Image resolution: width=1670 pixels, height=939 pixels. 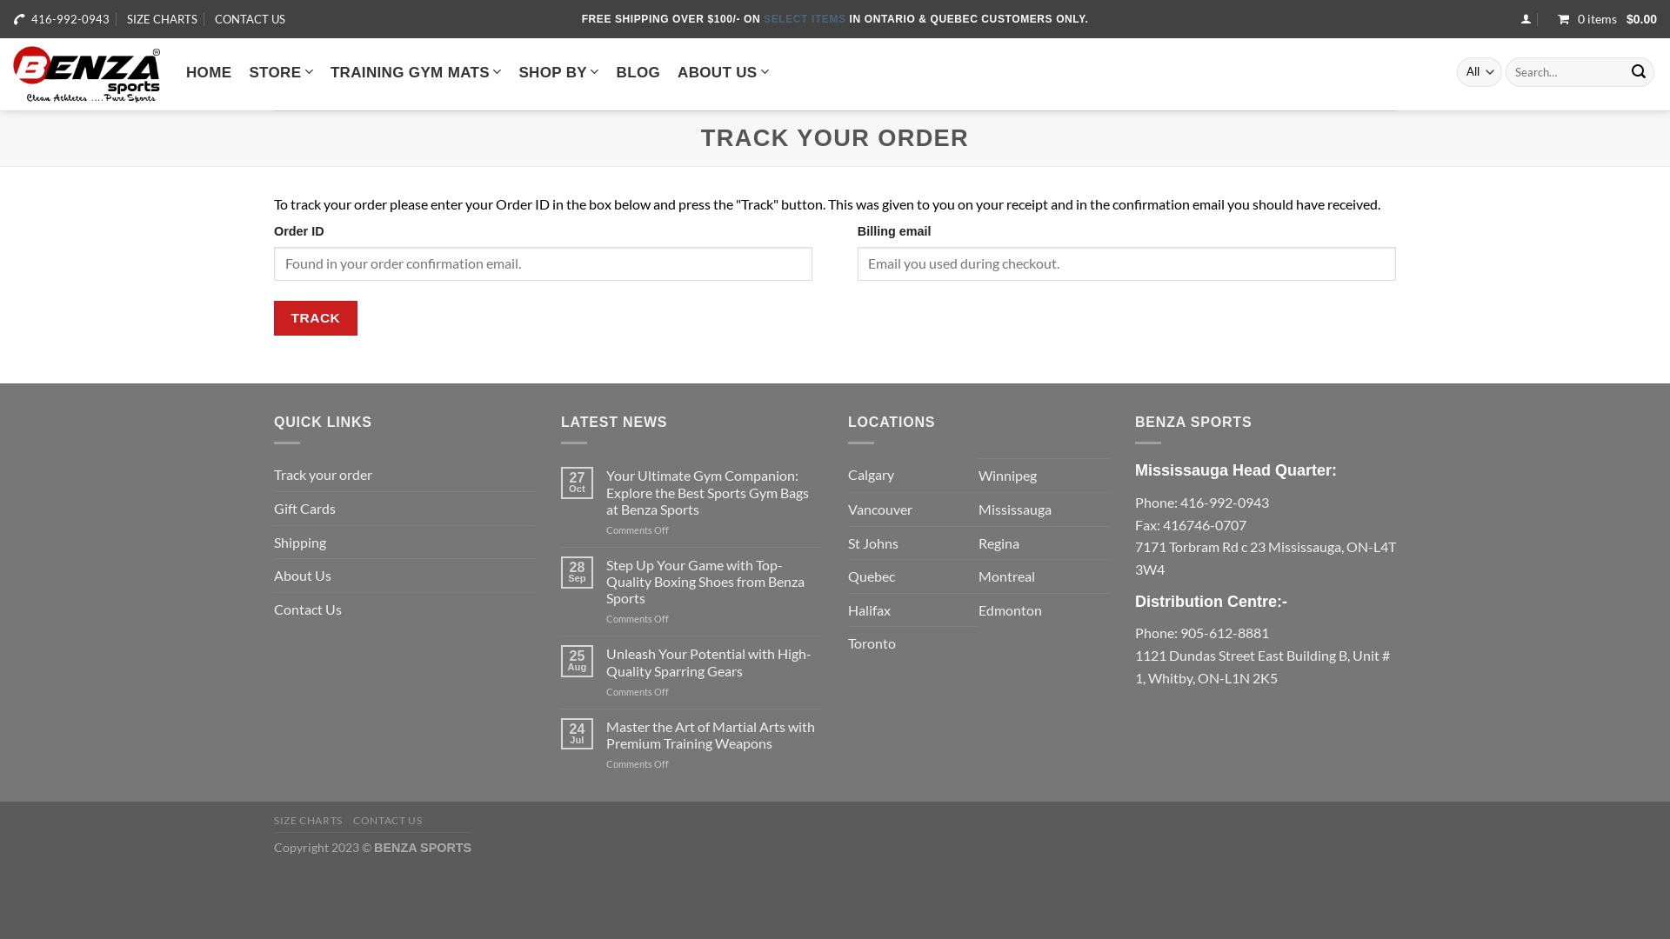 What do you see at coordinates (249, 19) in the screenshot?
I see `'CONTACT US'` at bounding box center [249, 19].